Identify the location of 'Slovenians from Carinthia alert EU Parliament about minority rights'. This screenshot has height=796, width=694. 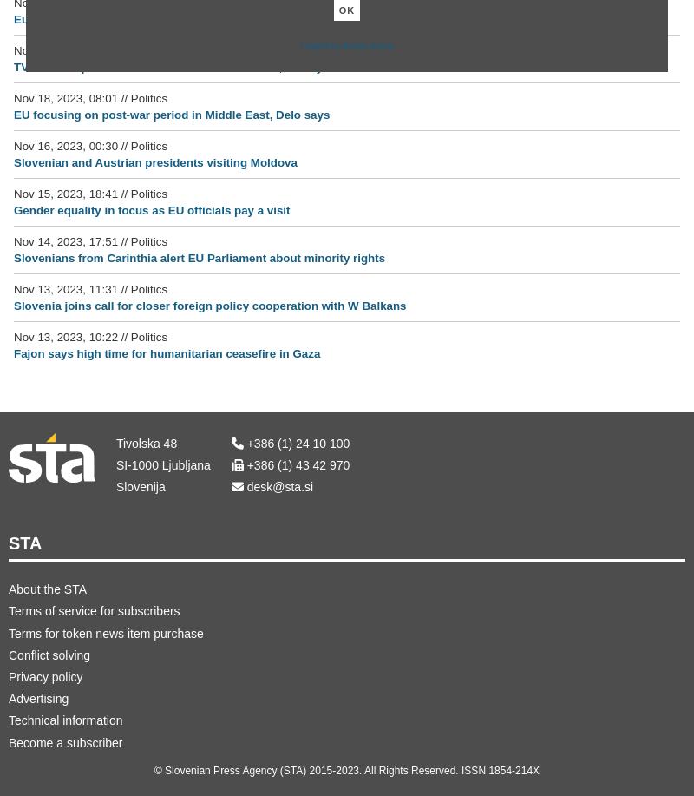
(199, 257).